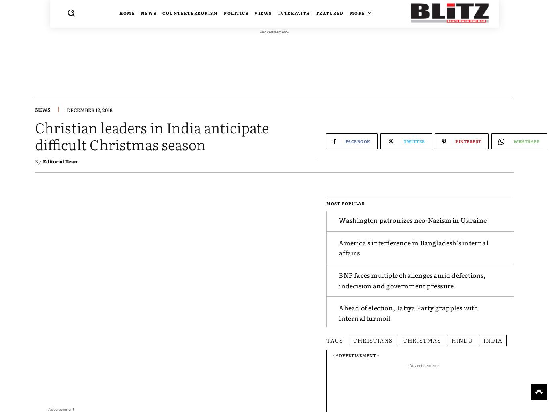 Image resolution: width=549 pixels, height=412 pixels. Describe the element at coordinates (329, 13) in the screenshot. I see `'Featured'` at that location.